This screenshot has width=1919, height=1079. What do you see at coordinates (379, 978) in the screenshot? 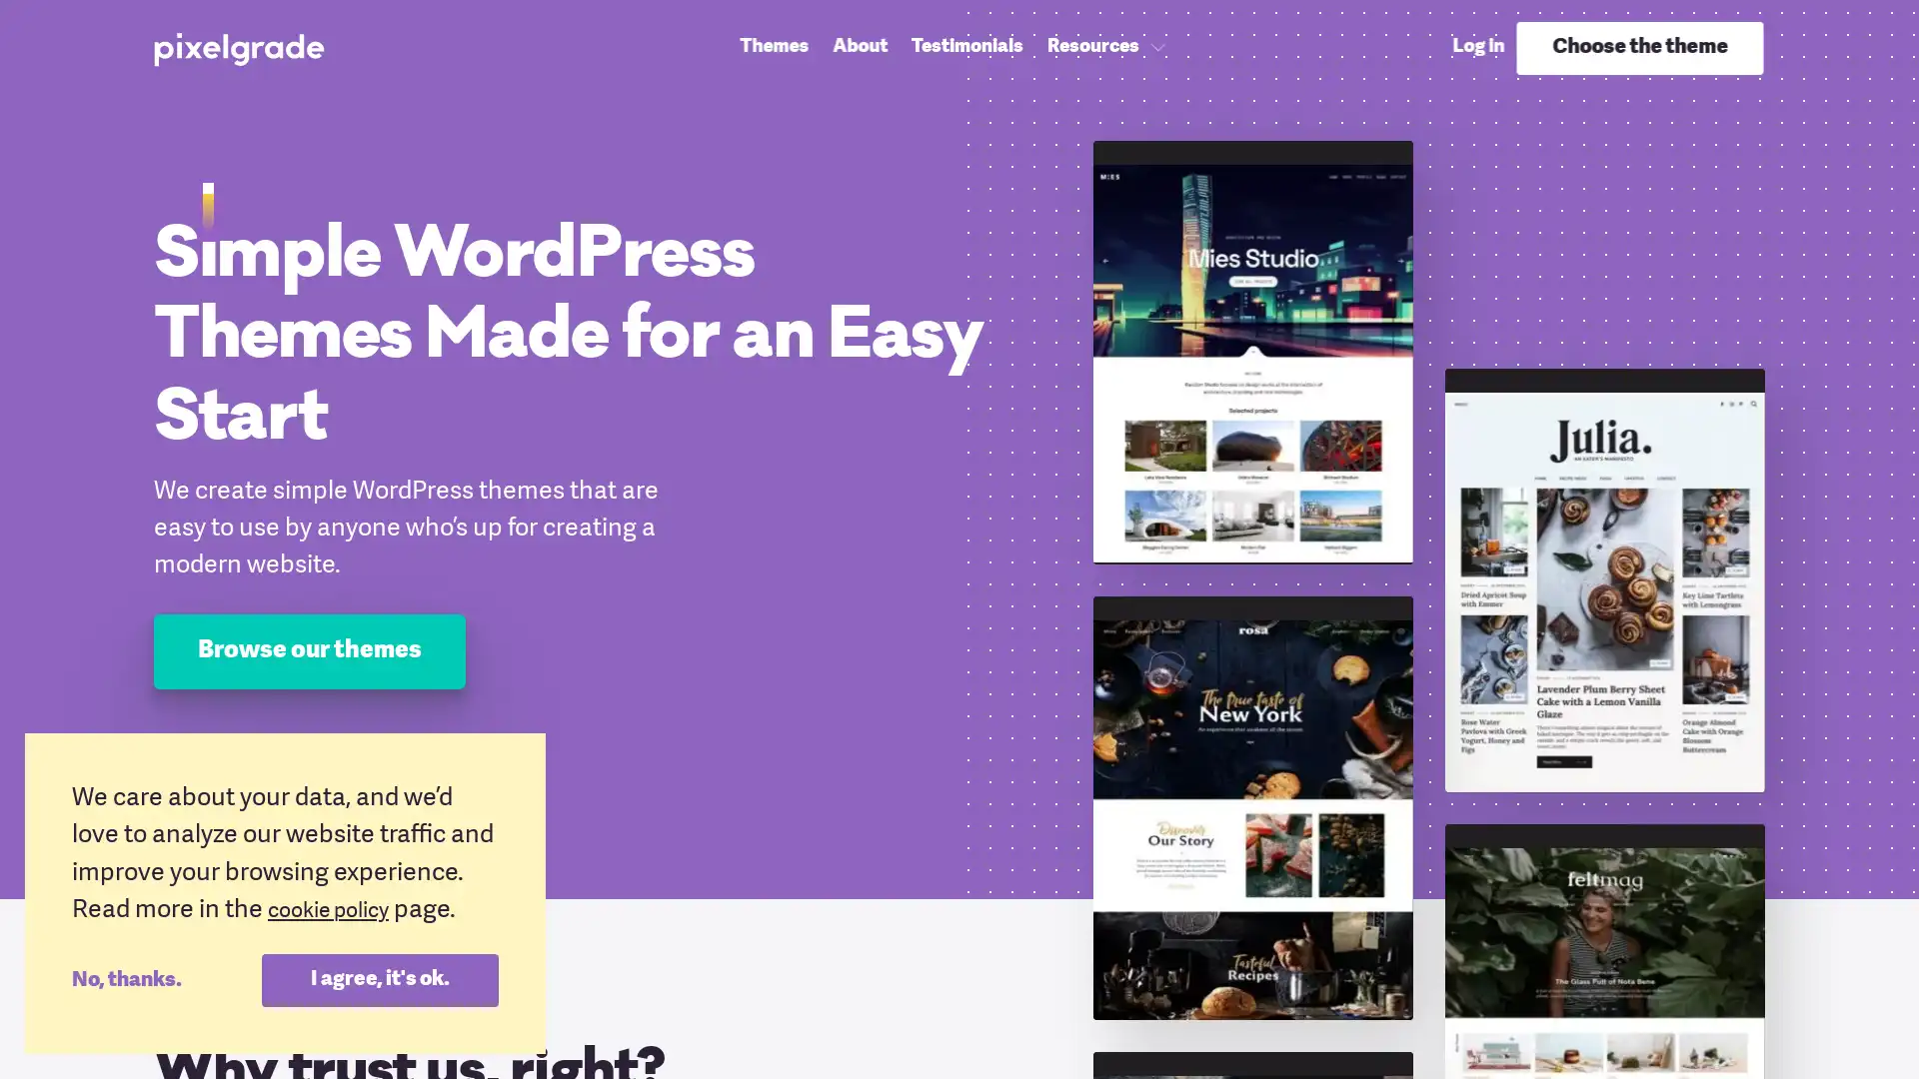
I see `I agree, it's ok.` at bounding box center [379, 978].